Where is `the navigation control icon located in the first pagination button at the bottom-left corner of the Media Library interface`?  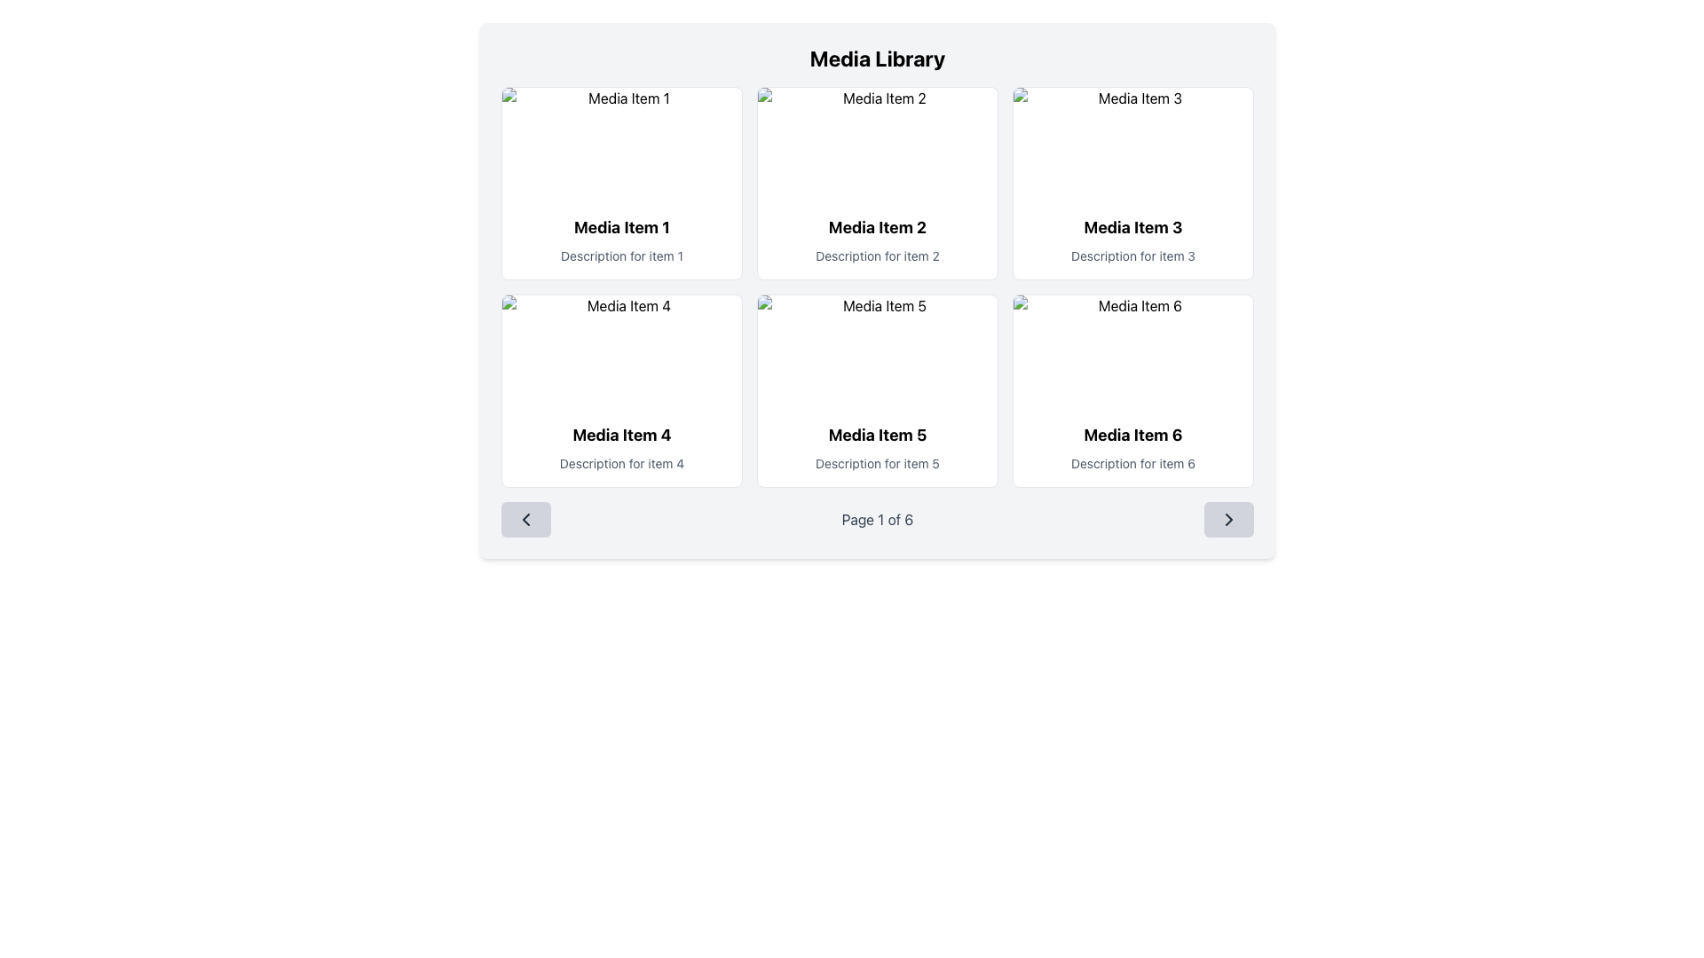 the navigation control icon located in the first pagination button at the bottom-left corner of the Media Library interface is located at coordinates (525, 519).